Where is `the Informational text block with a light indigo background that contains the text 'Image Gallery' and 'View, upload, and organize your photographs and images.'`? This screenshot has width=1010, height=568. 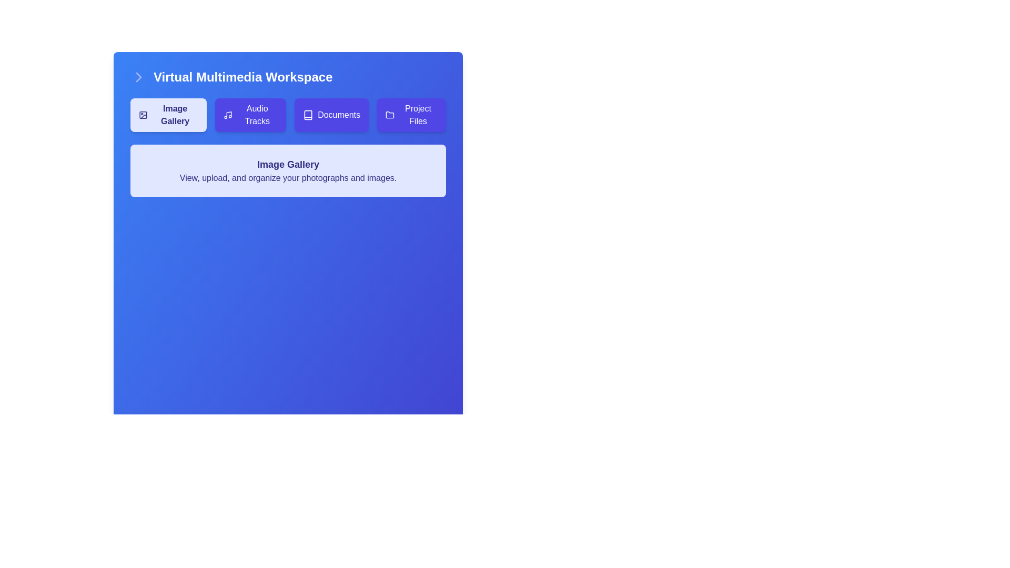
the Informational text block with a light indigo background that contains the text 'Image Gallery' and 'View, upload, and organize your photographs and images.' is located at coordinates (288, 170).